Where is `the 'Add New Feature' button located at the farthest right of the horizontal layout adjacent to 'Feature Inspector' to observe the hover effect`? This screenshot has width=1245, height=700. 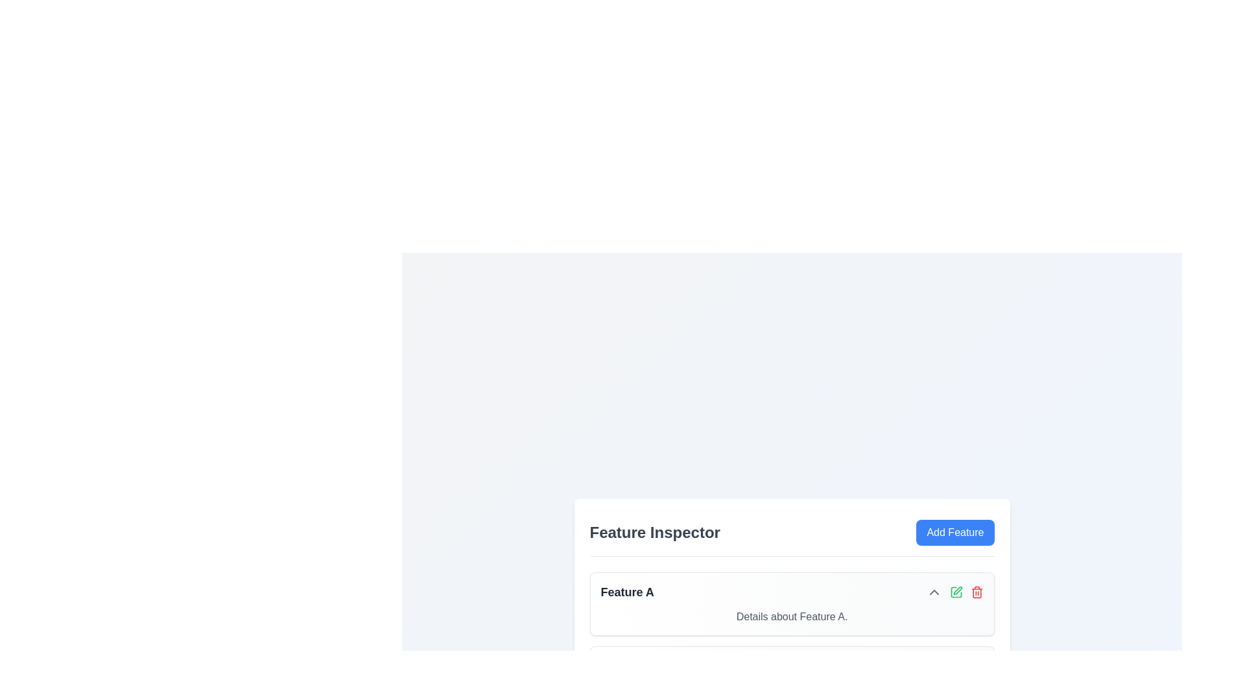 the 'Add New Feature' button located at the farthest right of the horizontal layout adjacent to 'Feature Inspector' to observe the hover effect is located at coordinates (955, 532).